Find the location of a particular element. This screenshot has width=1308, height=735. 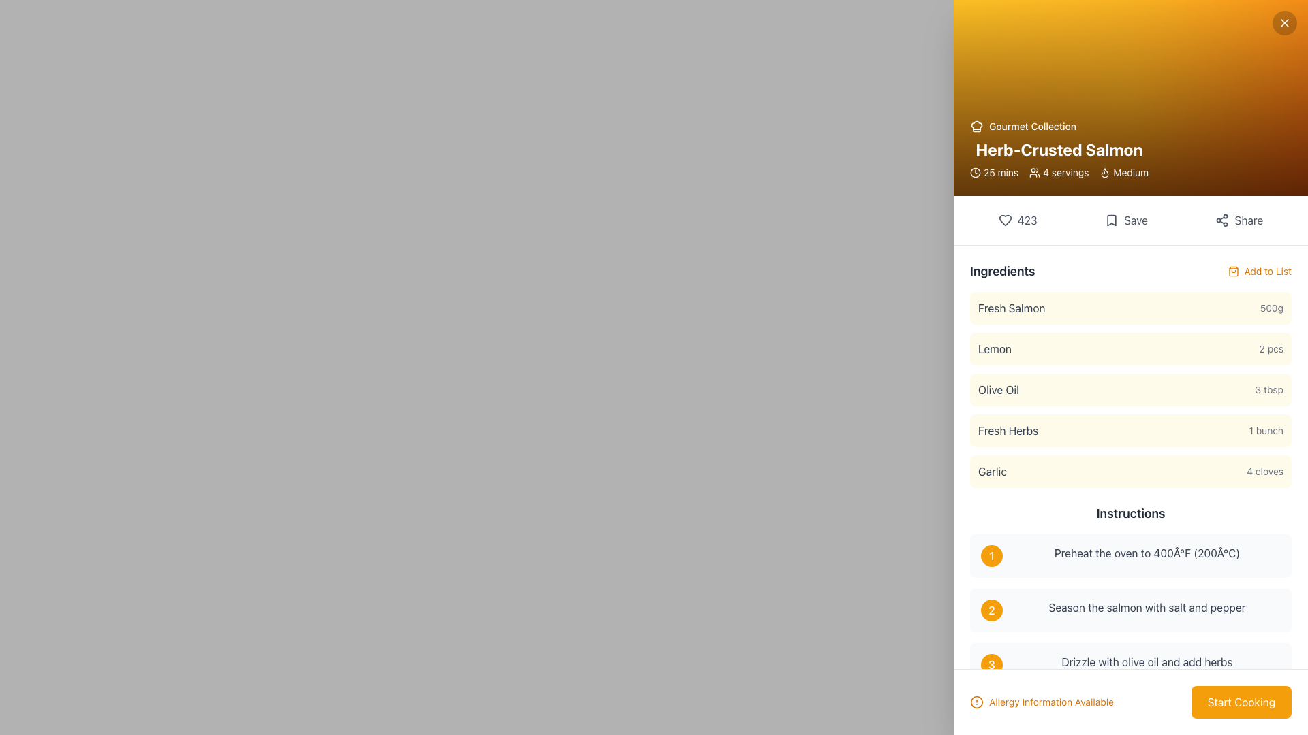

the static text label displaying 'Gourmet Collection', which is centrally aligned above the main title 'Herb-Crusted Salmon' and has a classy golden-brown background is located at coordinates (1033, 126).